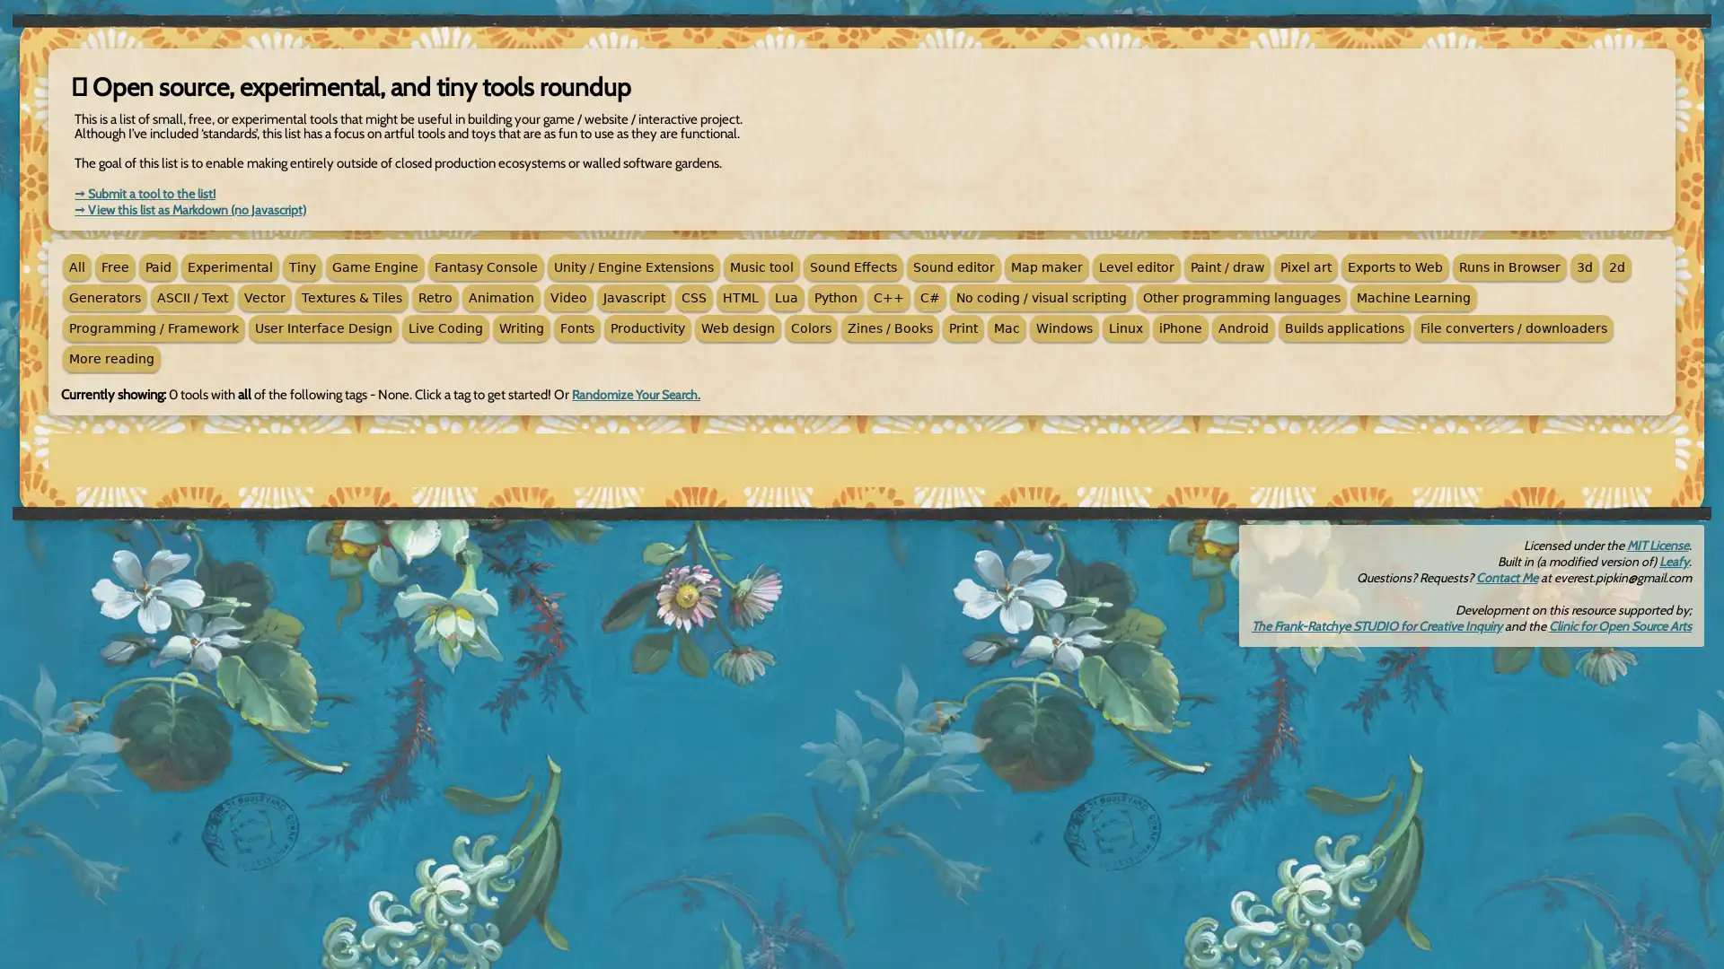  Describe the element at coordinates (761, 266) in the screenshot. I see `Music tool` at that location.